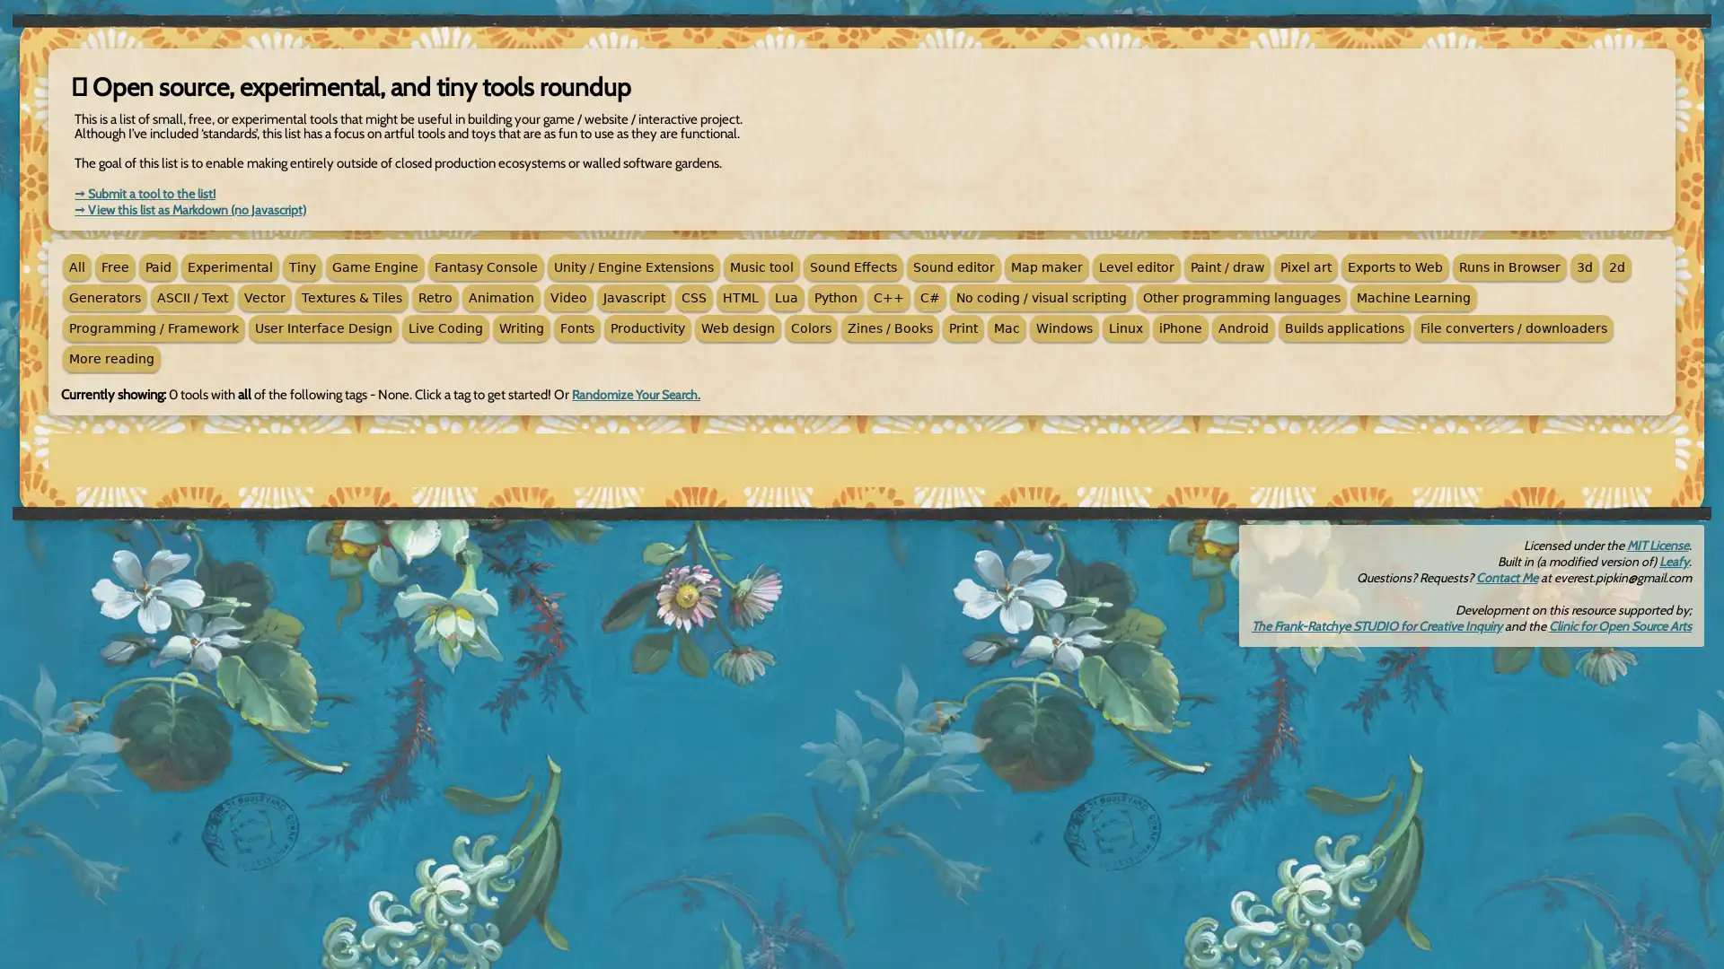  Describe the element at coordinates (761, 266) in the screenshot. I see `Music tool` at that location.